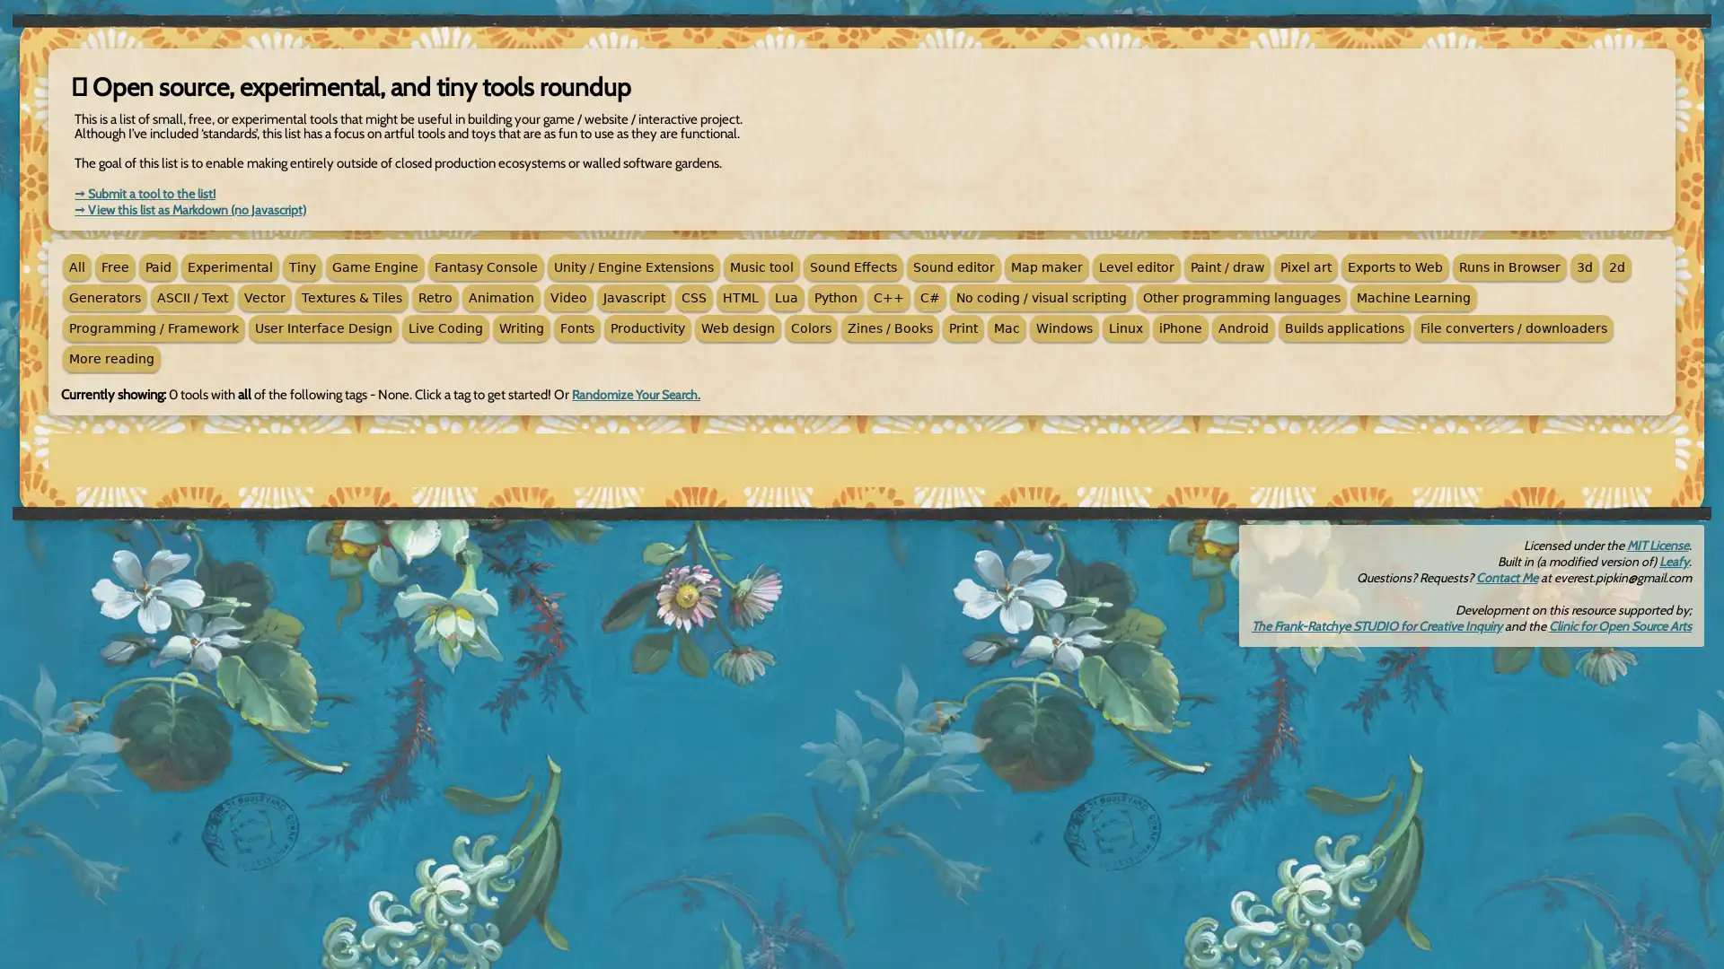  Describe the element at coordinates (761, 266) in the screenshot. I see `Music tool` at that location.